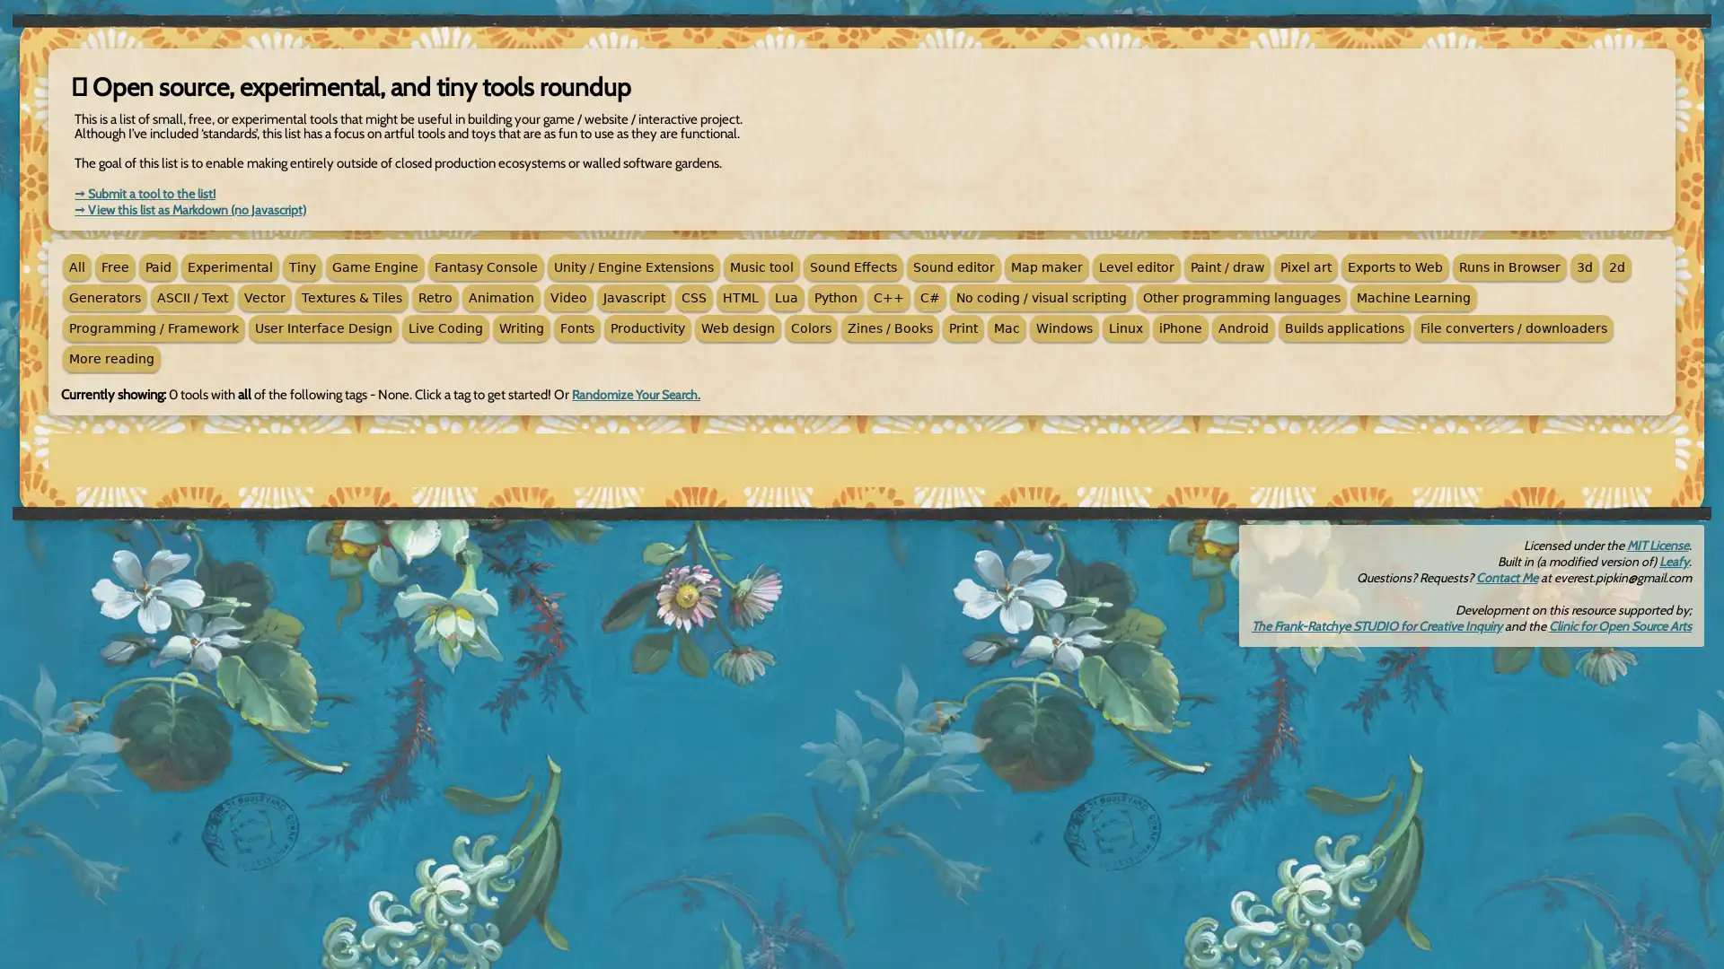  Describe the element at coordinates (761, 266) in the screenshot. I see `Music tool` at that location.